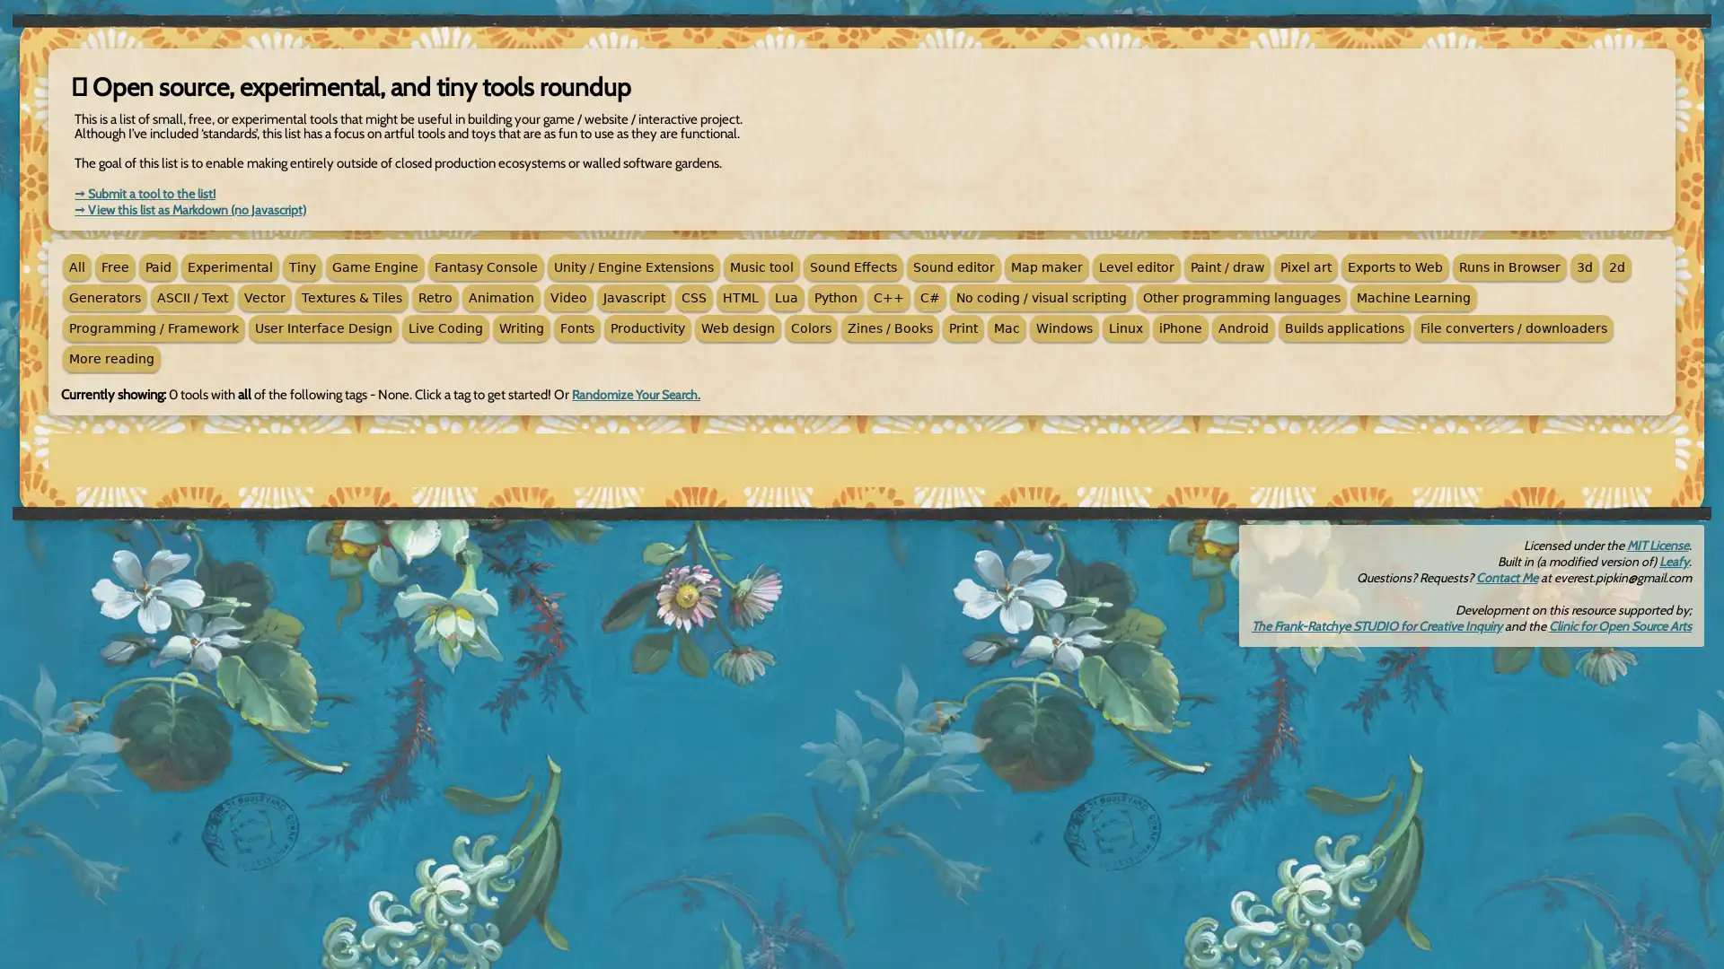  Describe the element at coordinates (761, 266) in the screenshot. I see `Music tool` at that location.